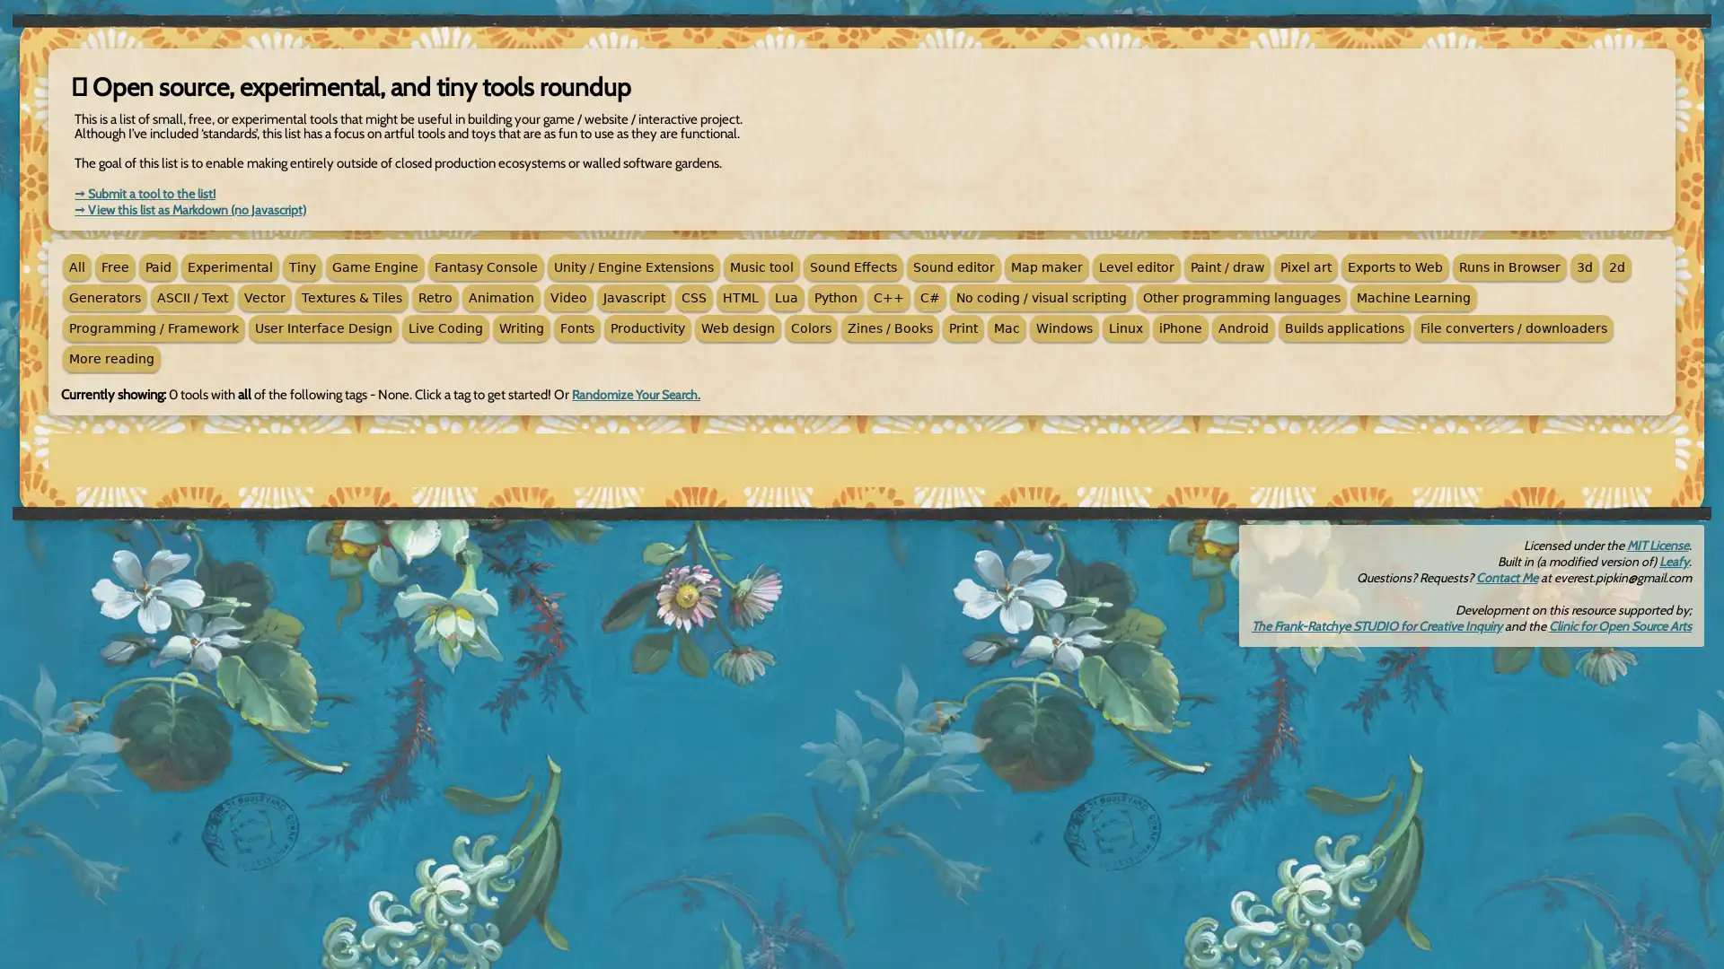  Describe the element at coordinates (761, 266) in the screenshot. I see `Music tool` at that location.